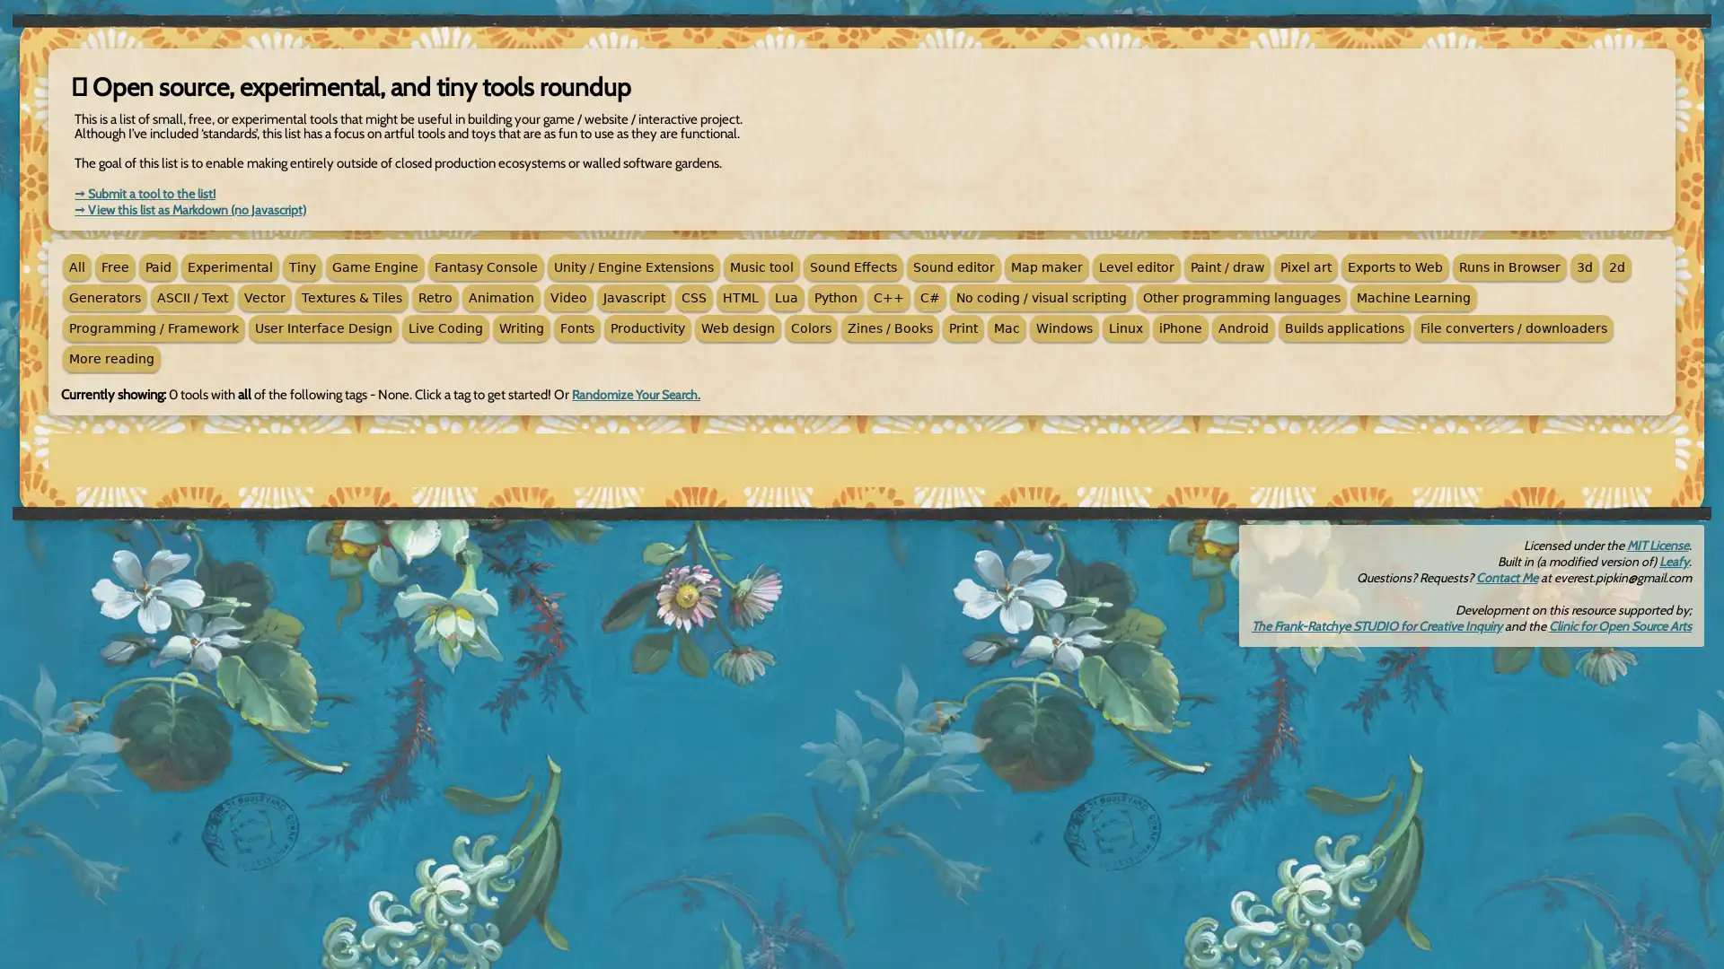  Describe the element at coordinates (761, 266) in the screenshot. I see `Music tool` at that location.